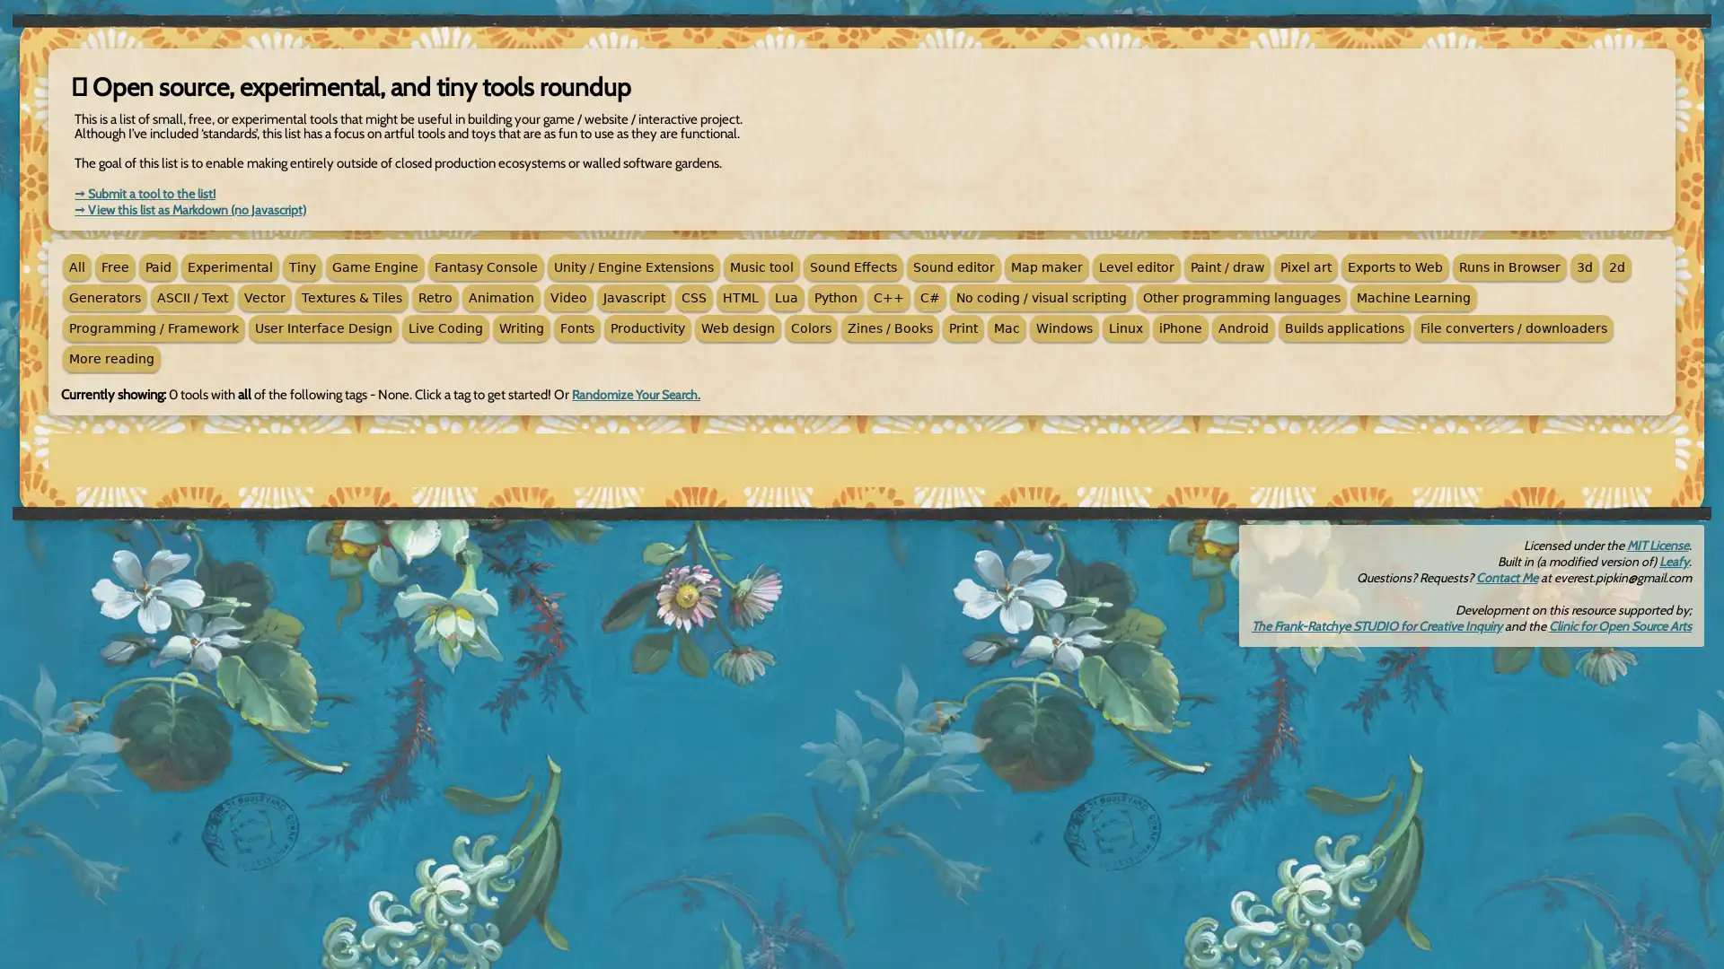  Describe the element at coordinates (761, 266) in the screenshot. I see `Music tool` at that location.